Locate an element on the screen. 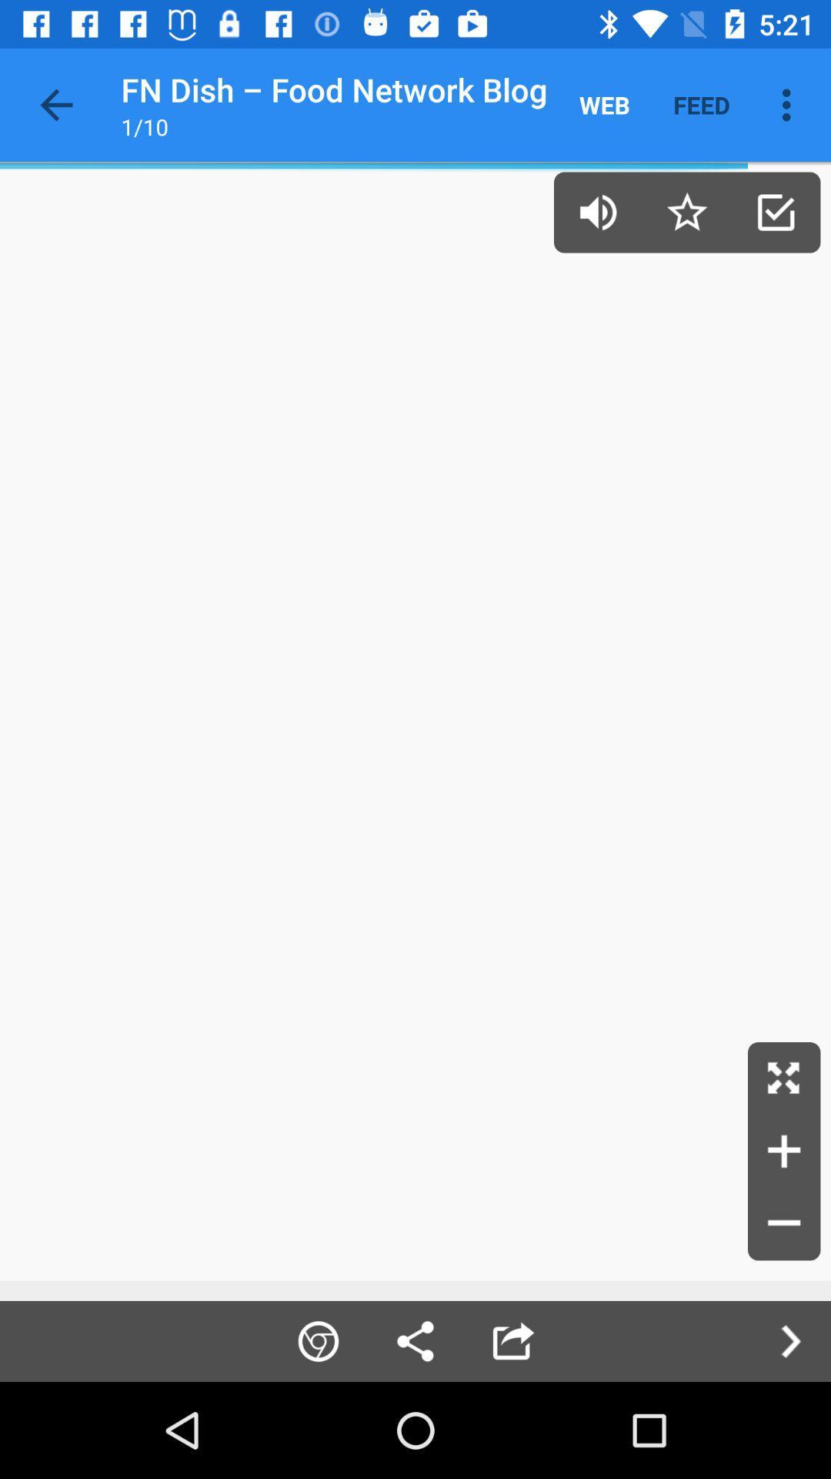  to favorites is located at coordinates (686, 211).